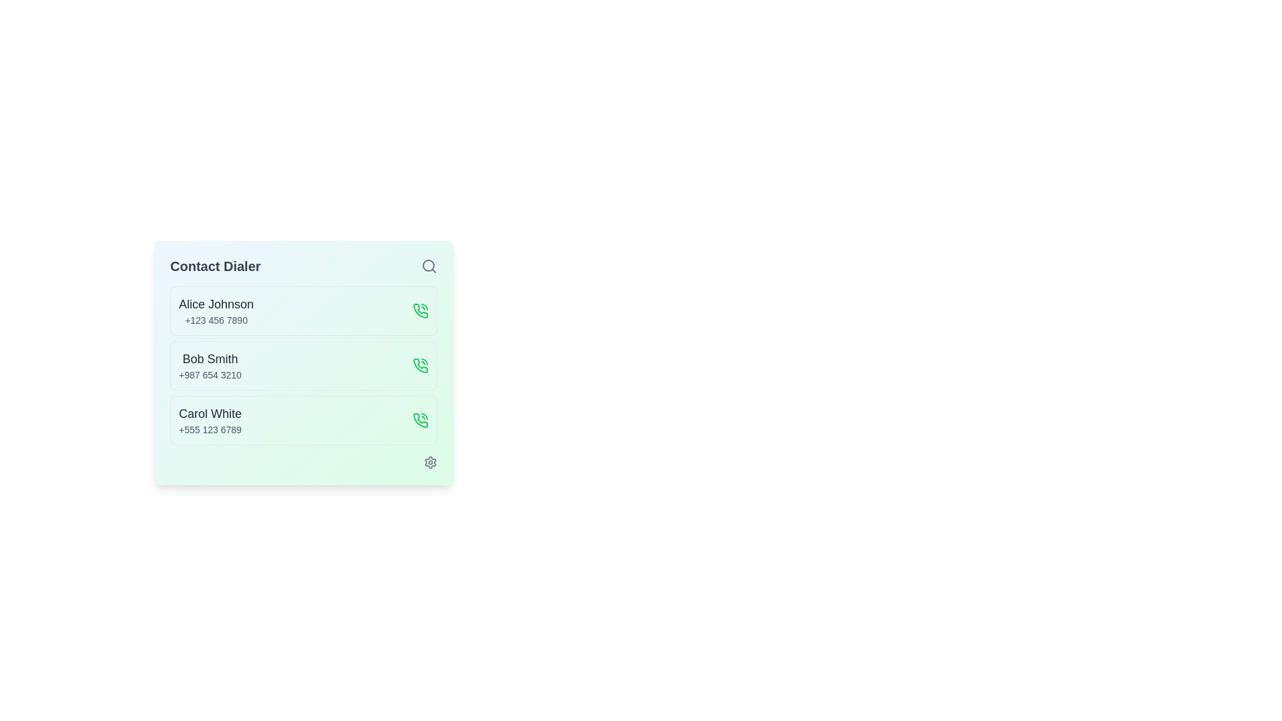 The image size is (1282, 721). I want to click on the Text label displaying the contact name in the third row of the contact list, which is located above the phone number '+555 123 6789', so click(210, 413).